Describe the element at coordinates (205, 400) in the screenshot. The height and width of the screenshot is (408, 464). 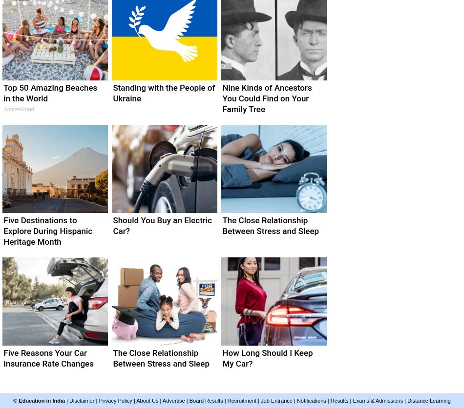
I see `'Board Results'` at that location.